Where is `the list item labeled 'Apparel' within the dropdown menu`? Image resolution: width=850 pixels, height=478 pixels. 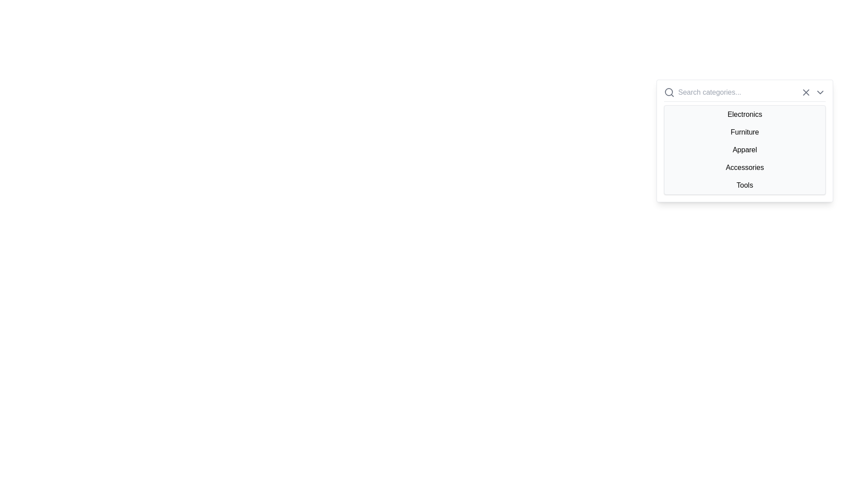 the list item labeled 'Apparel' within the dropdown menu is located at coordinates (744, 150).